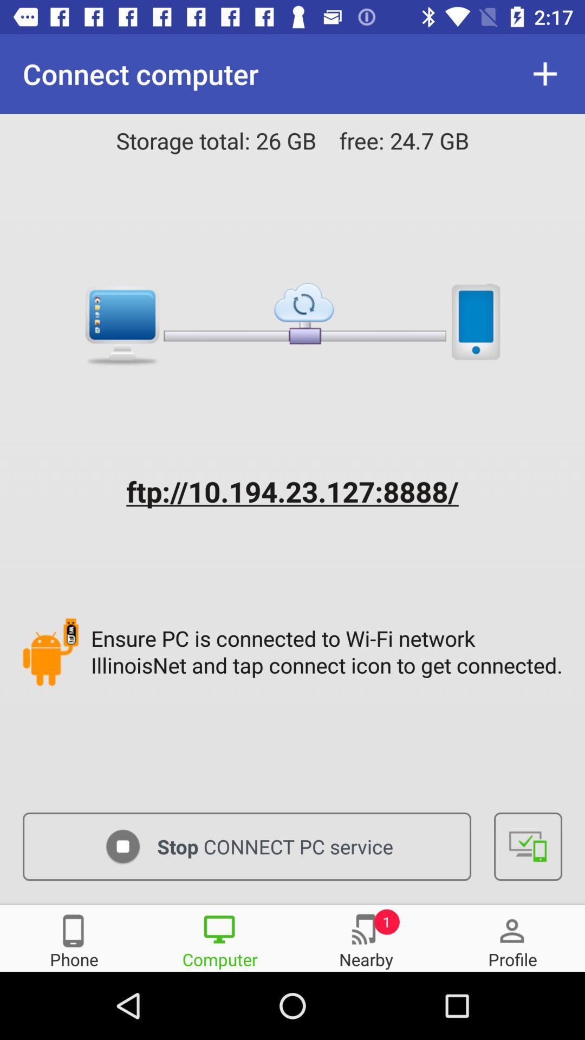 This screenshot has height=1040, width=585. What do you see at coordinates (329, 651) in the screenshot?
I see `the ensure pc is` at bounding box center [329, 651].